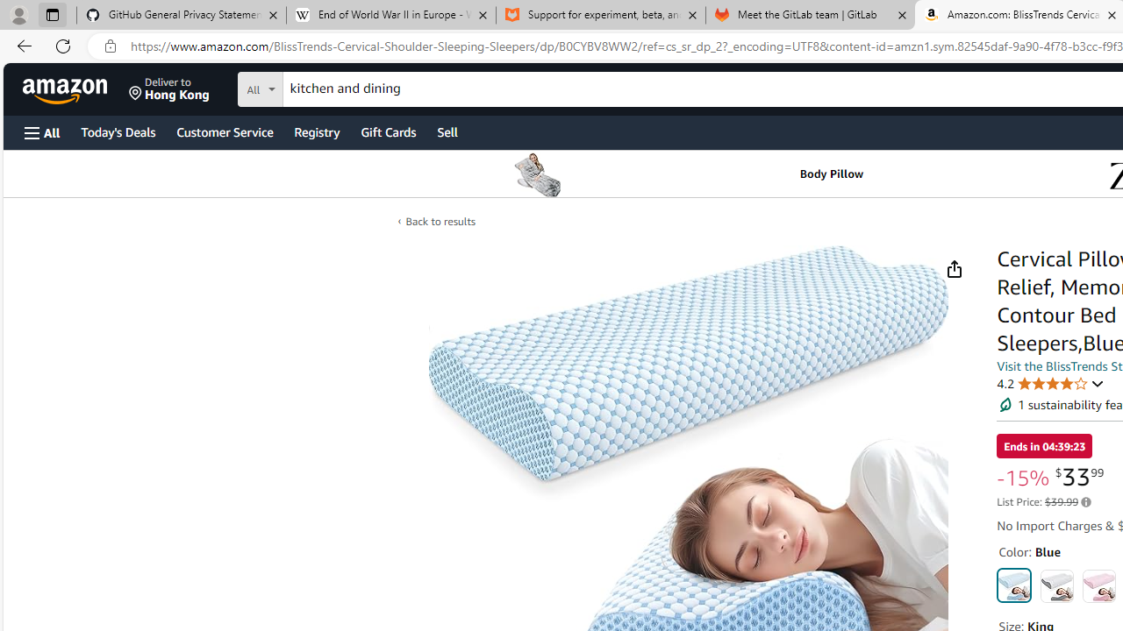  Describe the element at coordinates (224, 131) in the screenshot. I see `'Customer Service'` at that location.